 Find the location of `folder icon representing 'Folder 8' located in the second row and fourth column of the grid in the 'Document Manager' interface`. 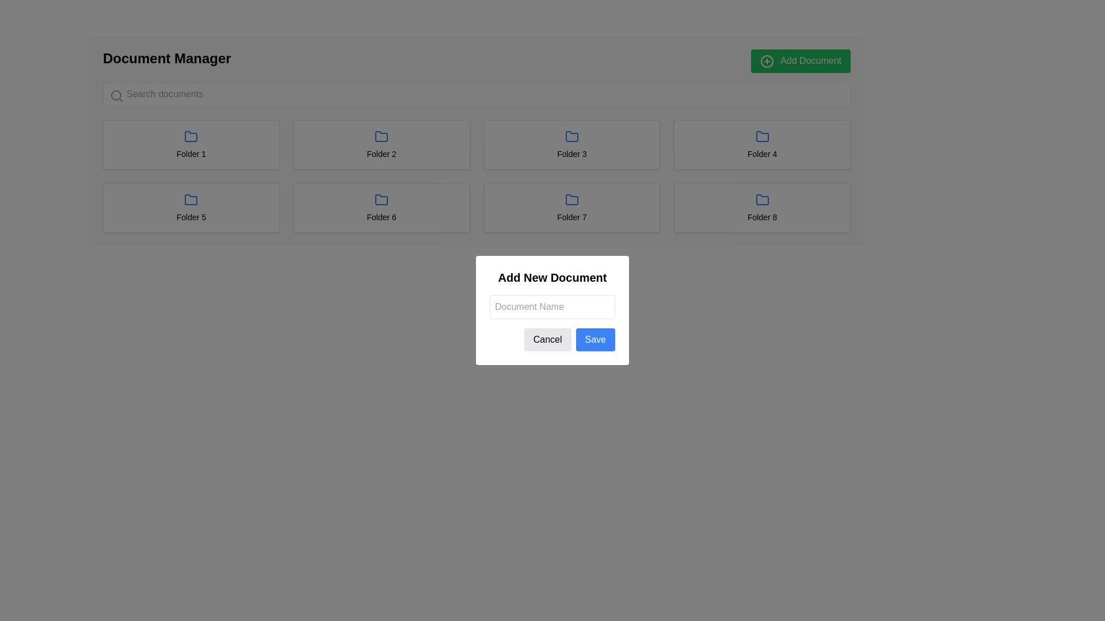

folder icon representing 'Folder 8' located in the second row and fourth column of the grid in the 'Document Manager' interface is located at coordinates (762, 199).